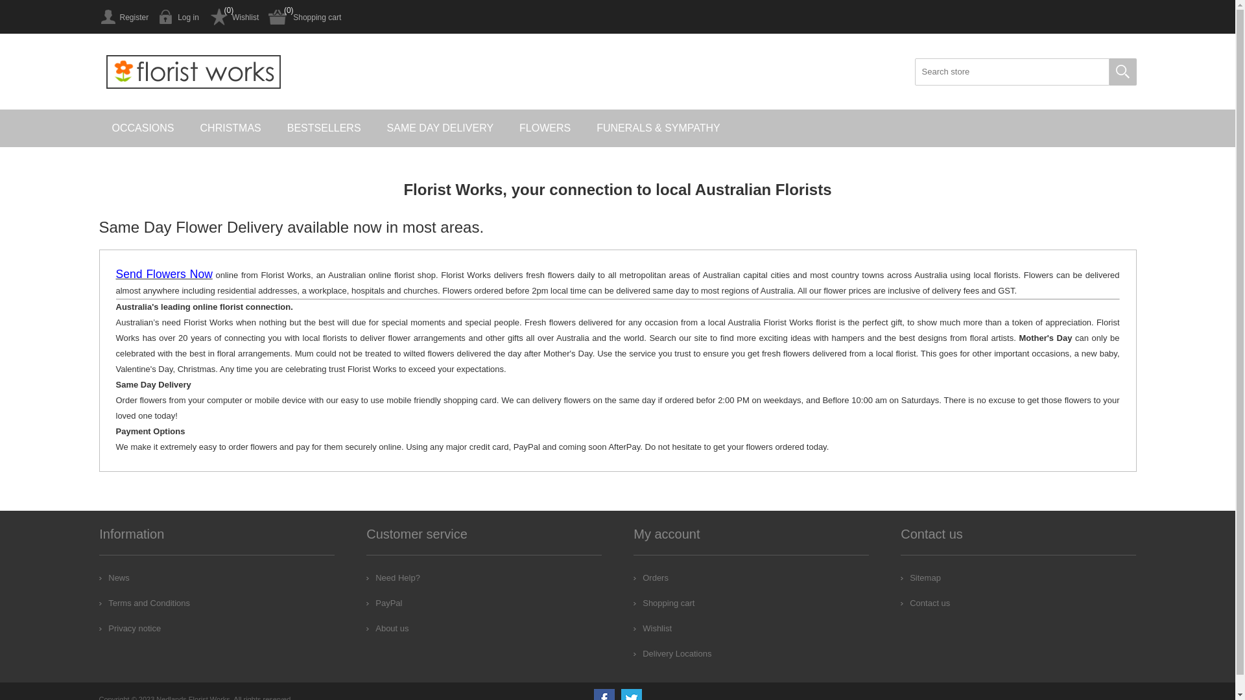 This screenshot has width=1245, height=700. What do you see at coordinates (123, 17) in the screenshot?
I see `'Register'` at bounding box center [123, 17].